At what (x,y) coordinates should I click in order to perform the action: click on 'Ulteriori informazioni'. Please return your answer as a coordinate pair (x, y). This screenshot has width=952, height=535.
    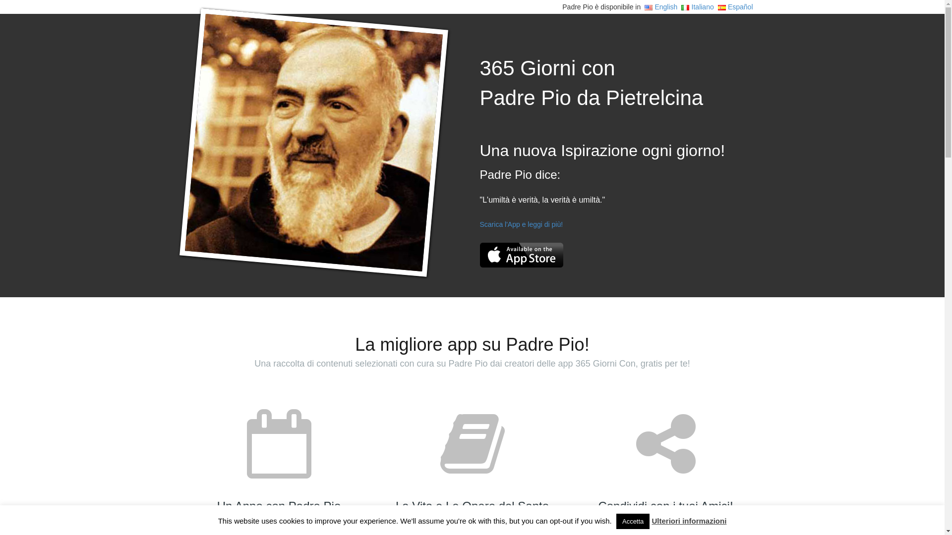
    Looking at the image, I should click on (688, 520).